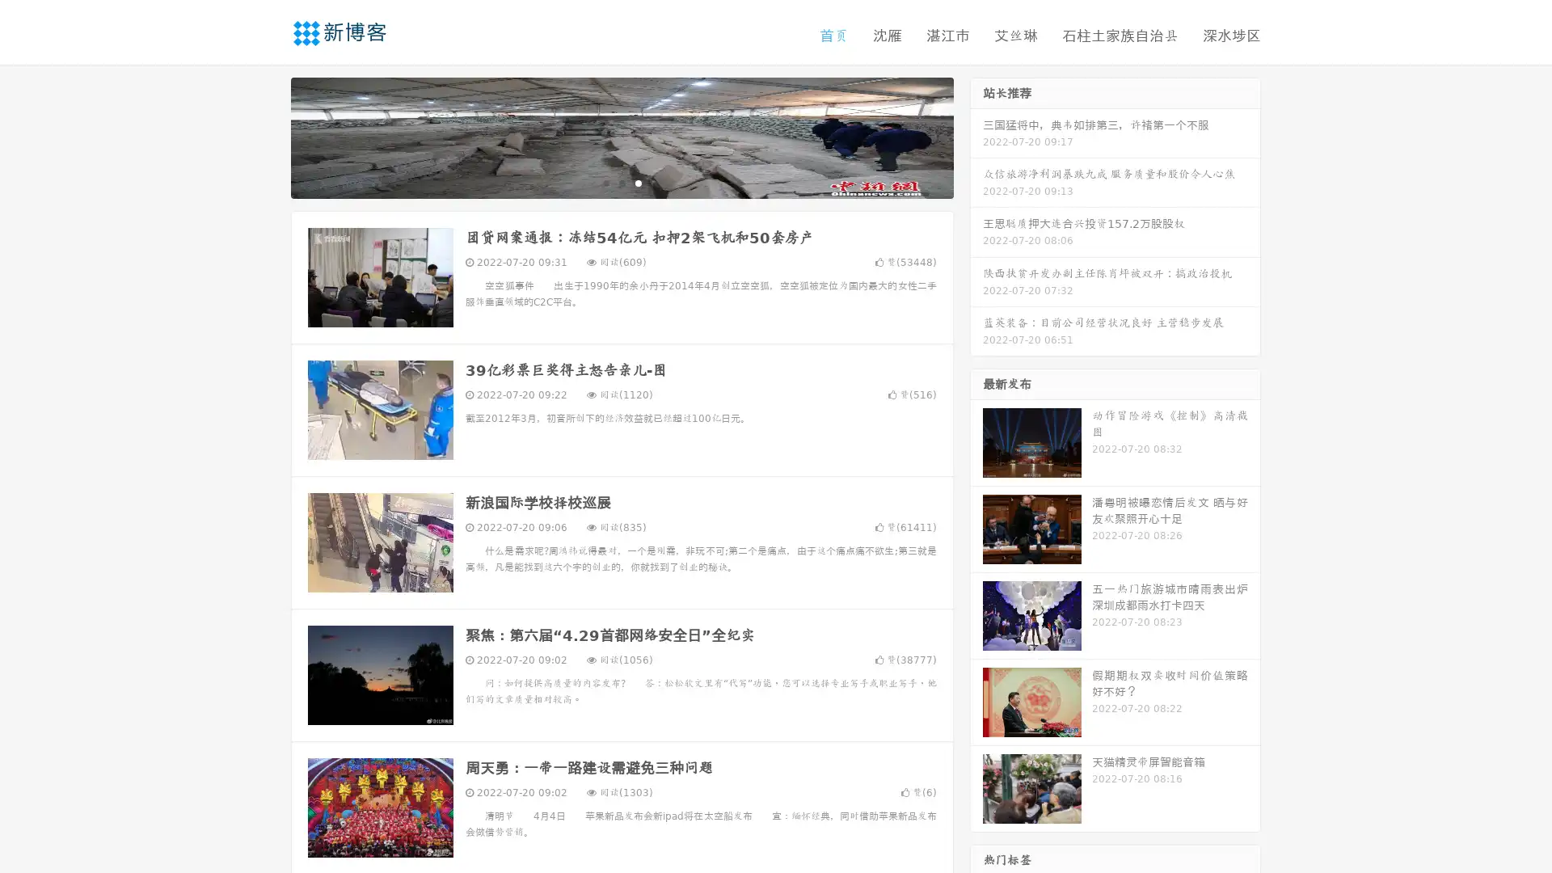 The width and height of the screenshot is (1552, 873). I want to click on Previous slide, so click(267, 136).